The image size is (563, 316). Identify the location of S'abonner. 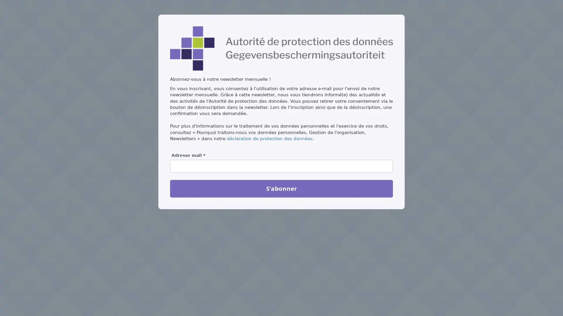
(281, 188).